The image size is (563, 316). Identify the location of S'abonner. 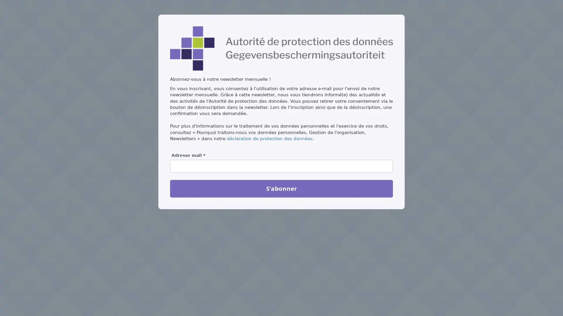
(281, 188).